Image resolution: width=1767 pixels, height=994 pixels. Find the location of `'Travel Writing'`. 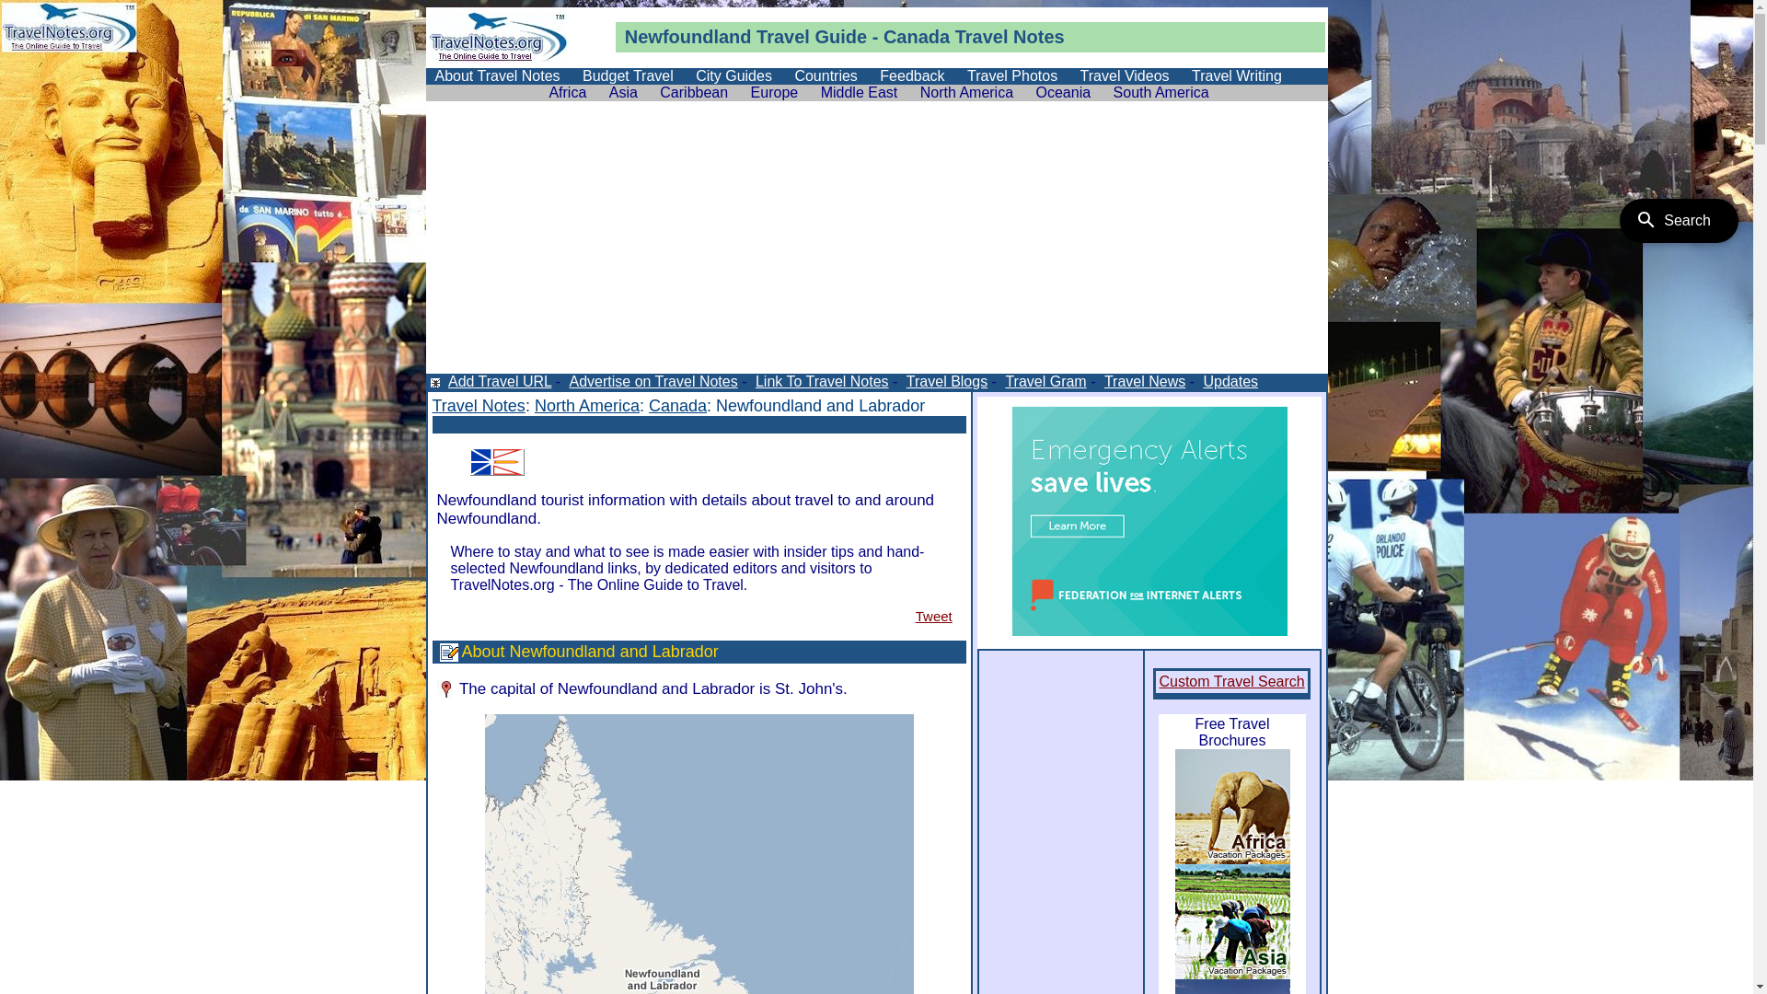

'Travel Writing' is located at coordinates (1183, 75).